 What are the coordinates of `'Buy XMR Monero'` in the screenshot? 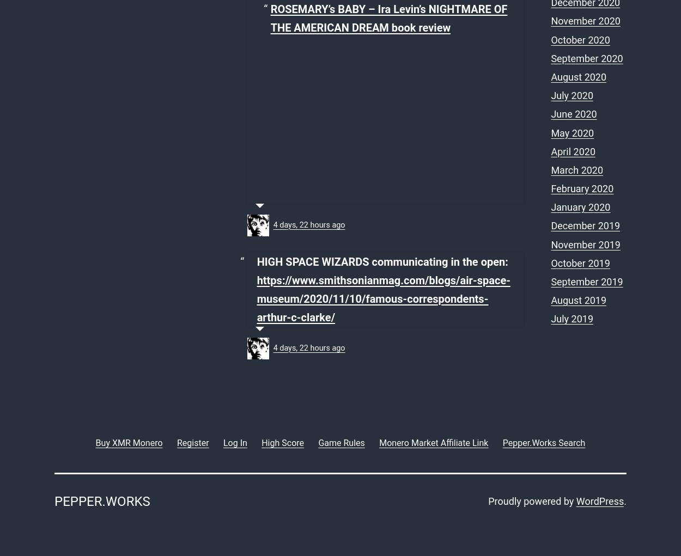 It's located at (128, 442).